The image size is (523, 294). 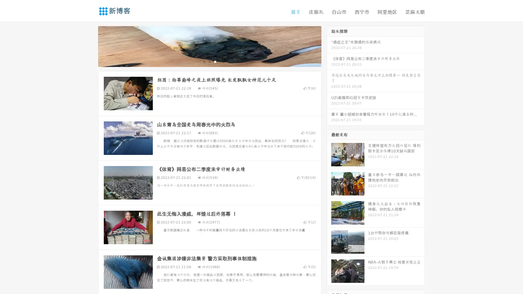 What do you see at coordinates (329, 46) in the screenshot?
I see `Next slide` at bounding box center [329, 46].